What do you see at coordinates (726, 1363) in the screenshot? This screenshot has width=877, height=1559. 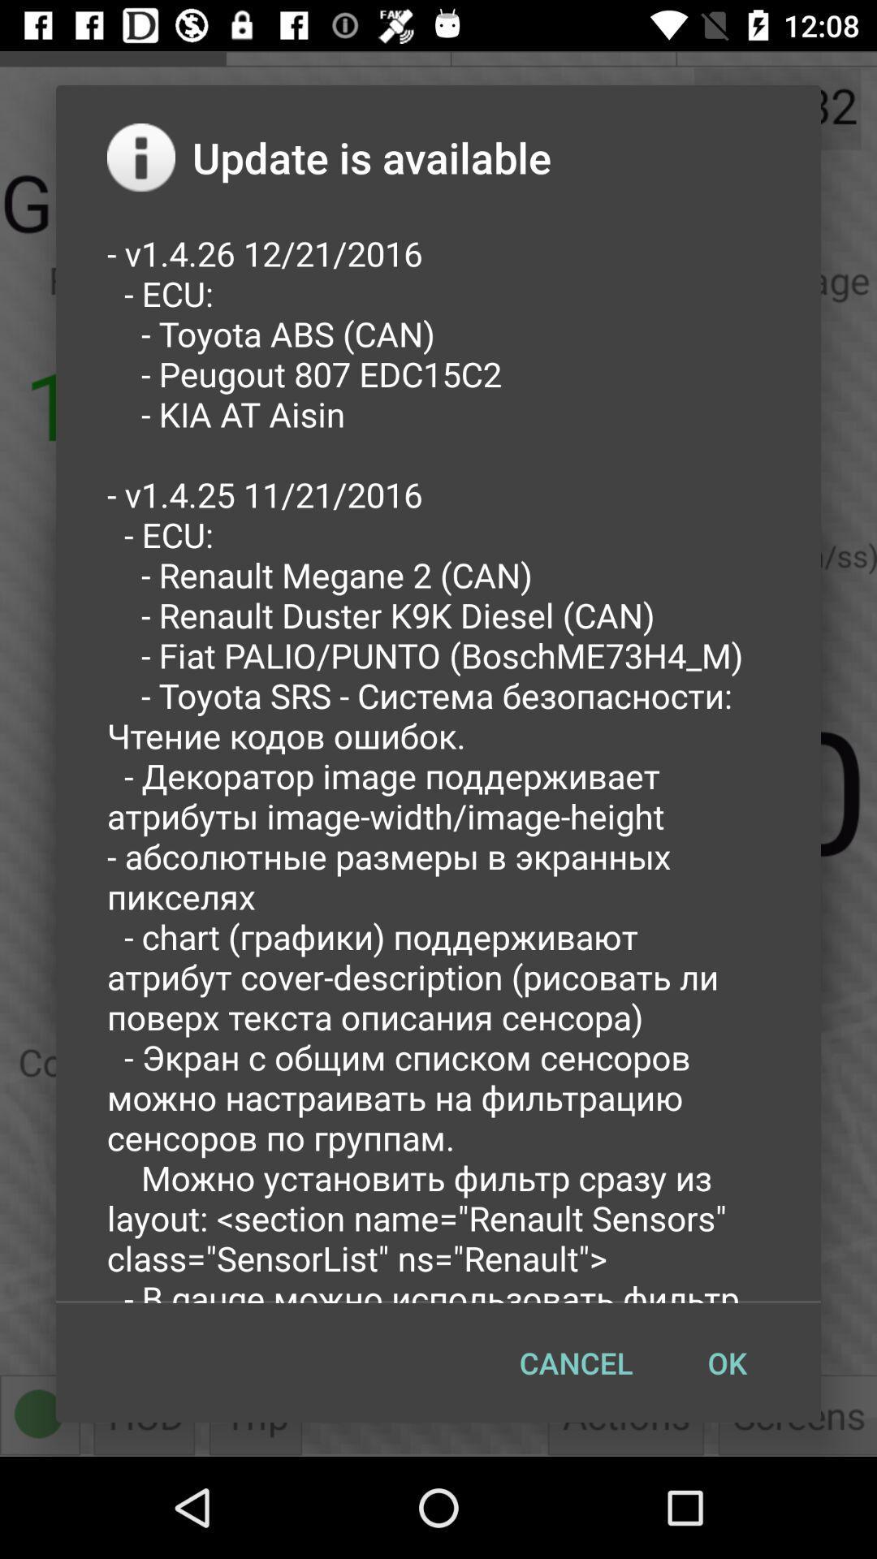 I see `icon below v1 4 26 item` at bounding box center [726, 1363].